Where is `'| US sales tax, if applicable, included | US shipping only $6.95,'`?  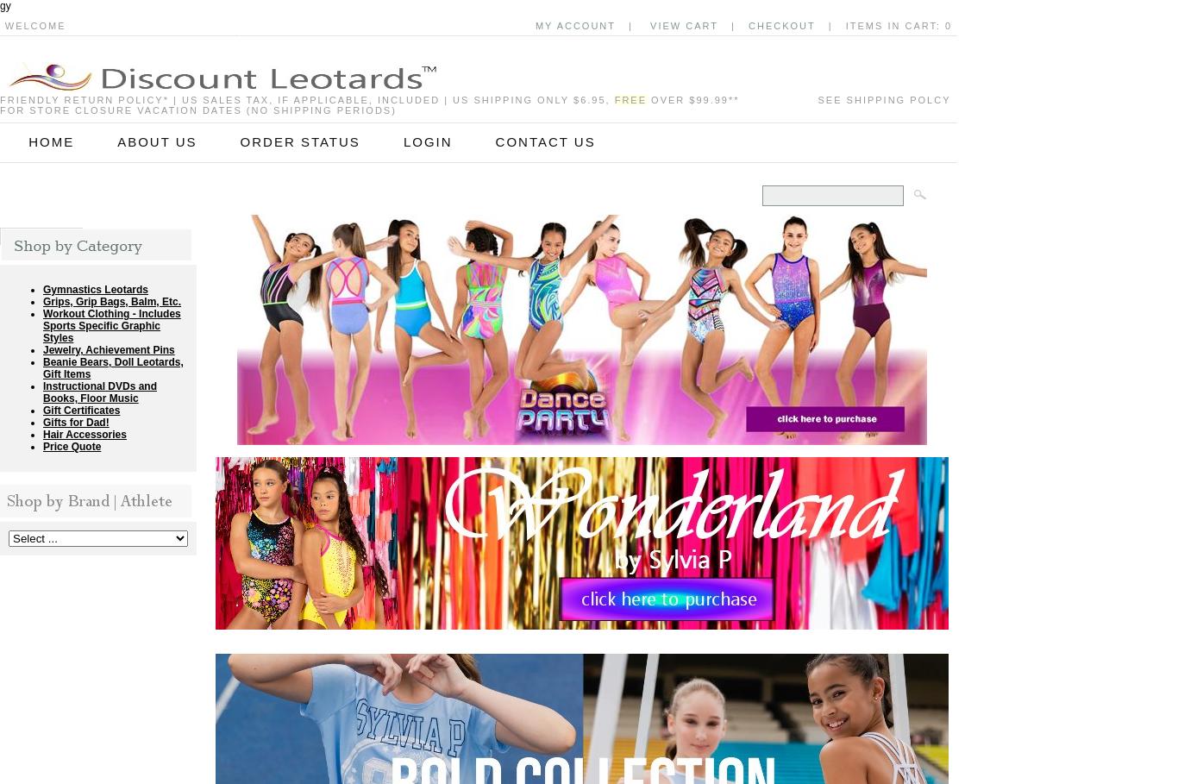 '| US sales tax, if applicable, included | US shipping only $6.95,' is located at coordinates (393, 99).